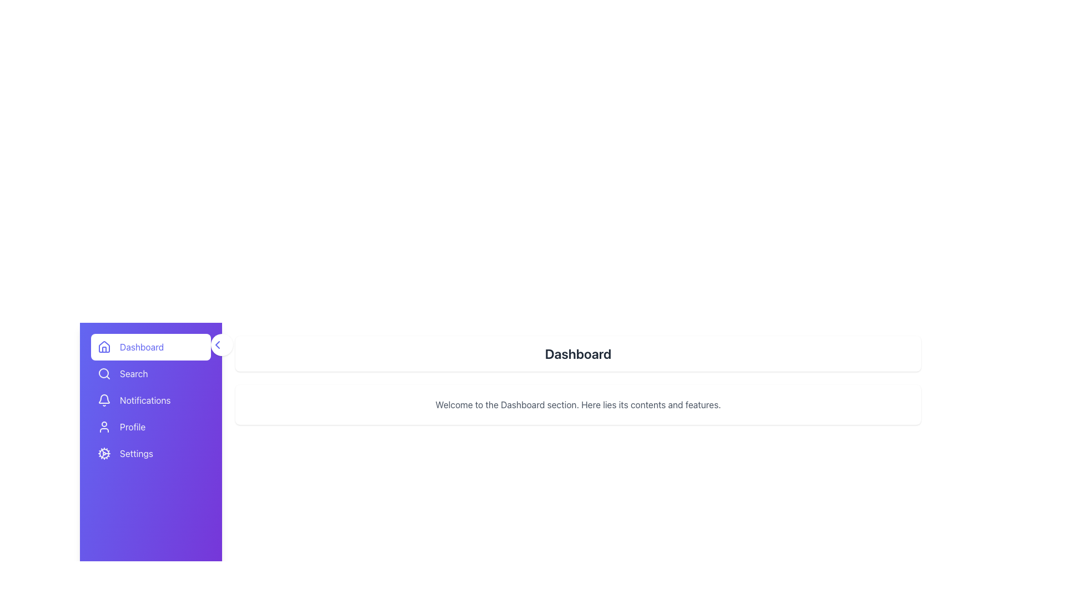 The width and height of the screenshot is (1066, 599). I want to click on the 'Profile' text label in the sidebar menu, which is located below the 'Notifications' item and above the 'Settings' item, so click(133, 427).